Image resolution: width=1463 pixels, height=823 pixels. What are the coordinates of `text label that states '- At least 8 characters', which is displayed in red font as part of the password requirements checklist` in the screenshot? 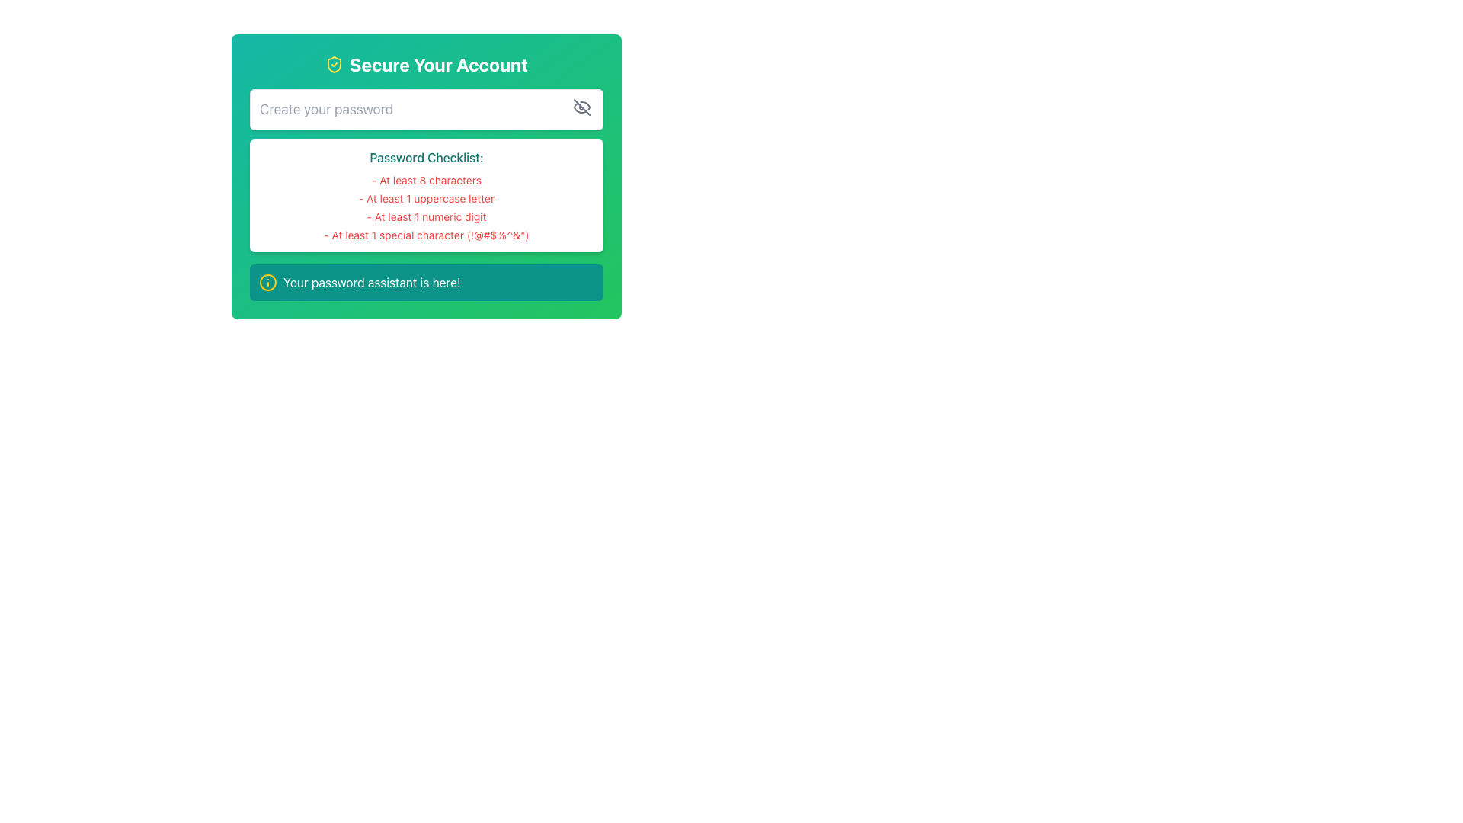 It's located at (427, 179).